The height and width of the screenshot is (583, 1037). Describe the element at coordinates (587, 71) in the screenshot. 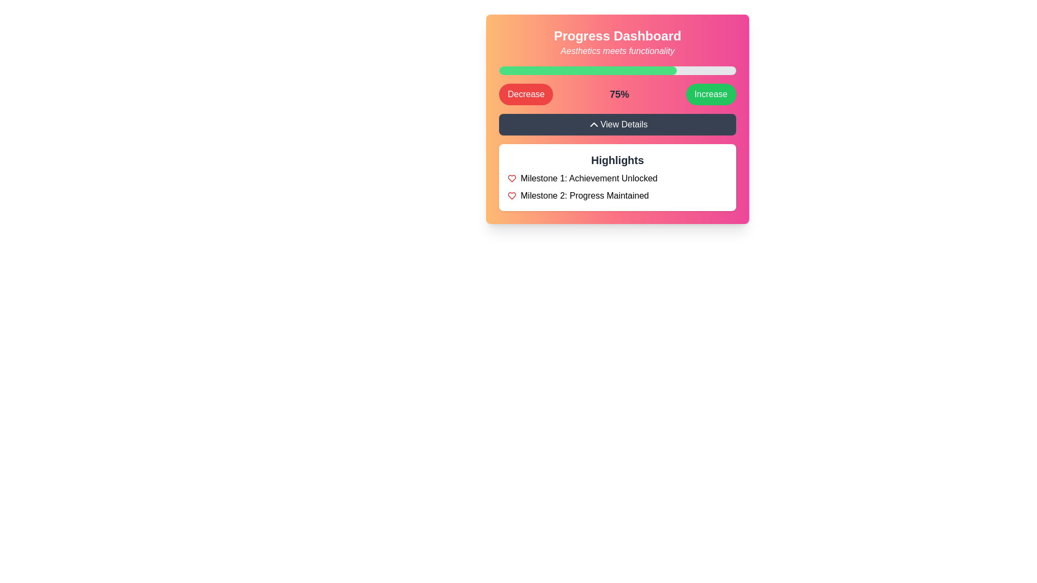

I see `the filled portion of the progress indicator that visually represents 75% progress in the task, located near the top of the dashboard` at that location.